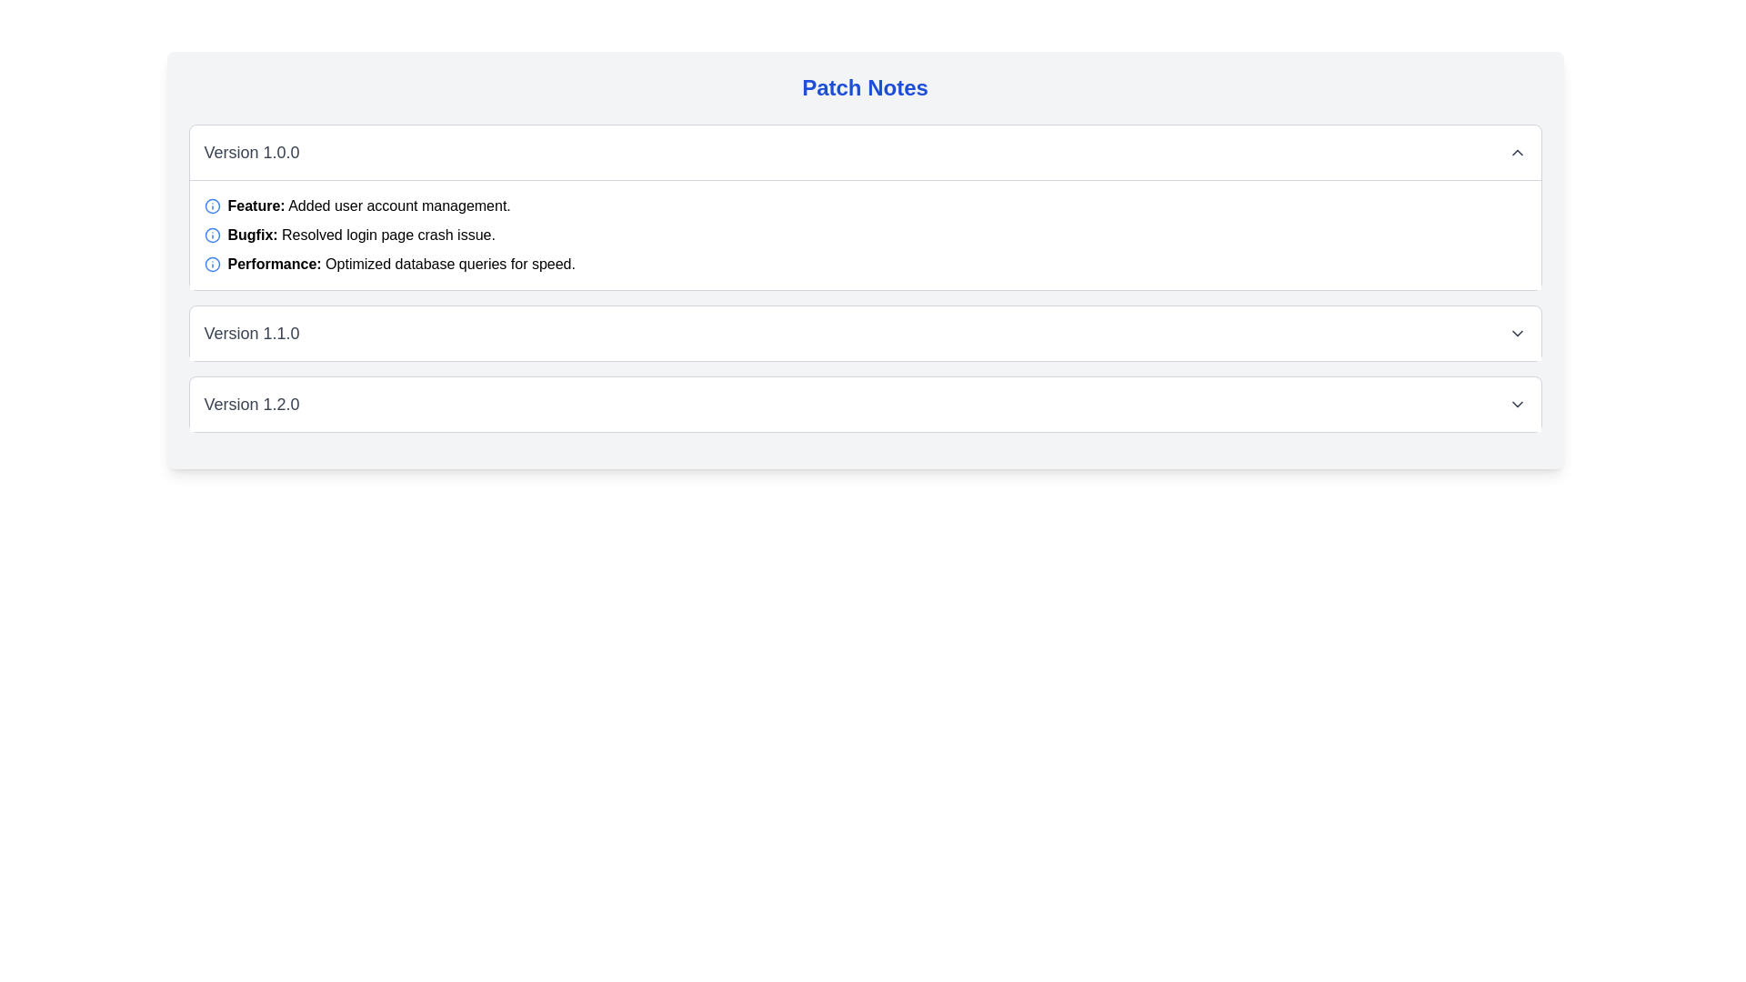 This screenshot has height=982, width=1746. Describe the element at coordinates (1517, 333) in the screenshot. I see `the downward-pointing chevron icon located to the far right of the text 'Version 1.1.0' in the header section` at that location.